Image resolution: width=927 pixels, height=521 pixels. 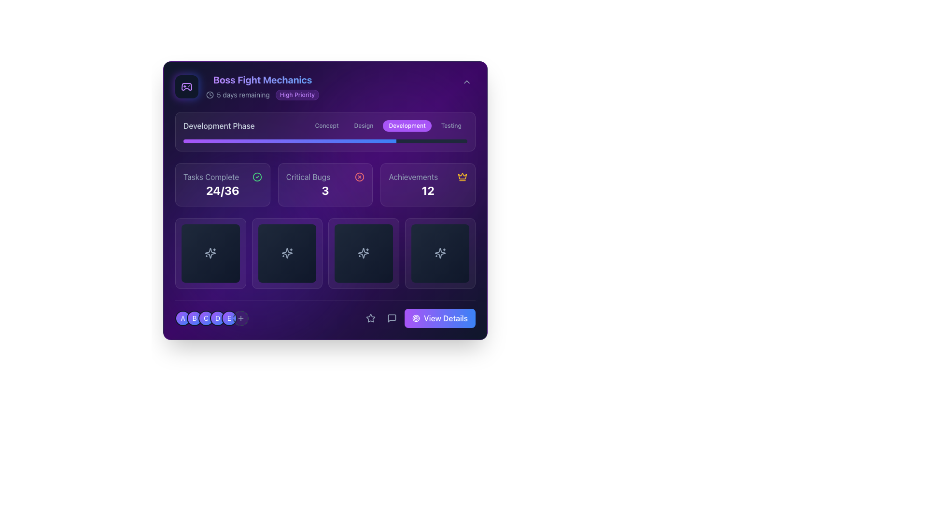 What do you see at coordinates (325, 132) in the screenshot?
I see `the phase navigation buttons in the progress tracker located centrally near the top of the card interface` at bounding box center [325, 132].